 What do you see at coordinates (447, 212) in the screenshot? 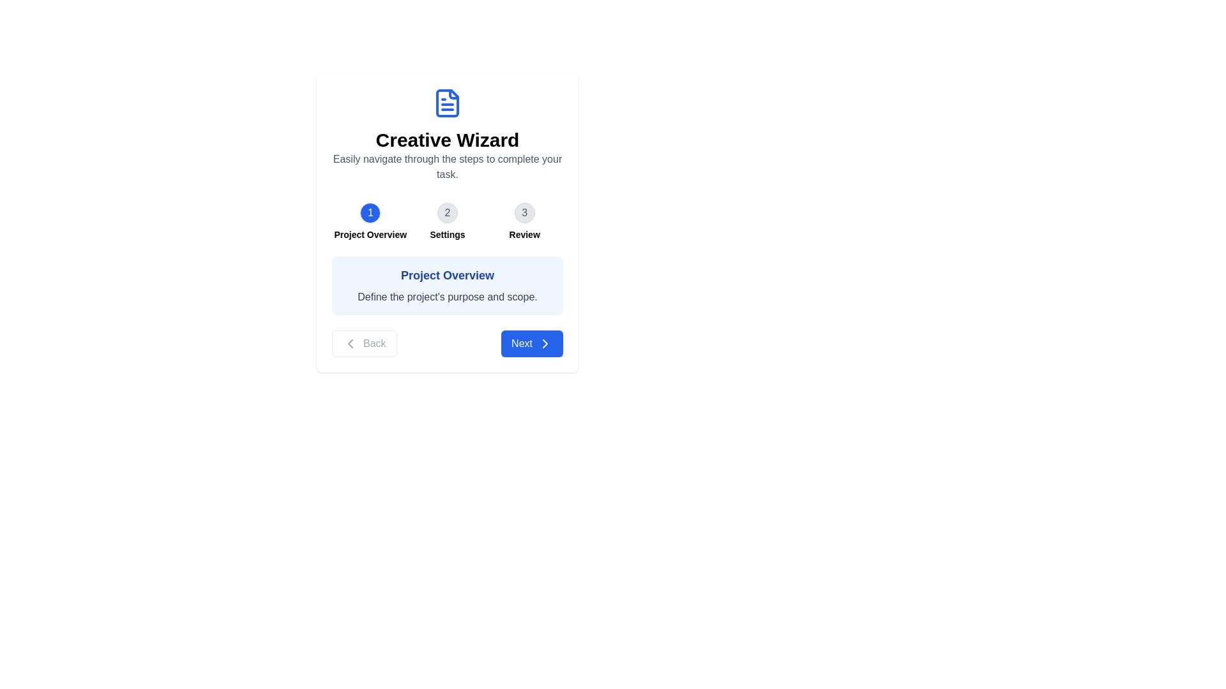
I see `the second step of the multi-step progress indicator, which is located above the 'Settings' label, between 'Project Overview' and 'Review'` at bounding box center [447, 212].